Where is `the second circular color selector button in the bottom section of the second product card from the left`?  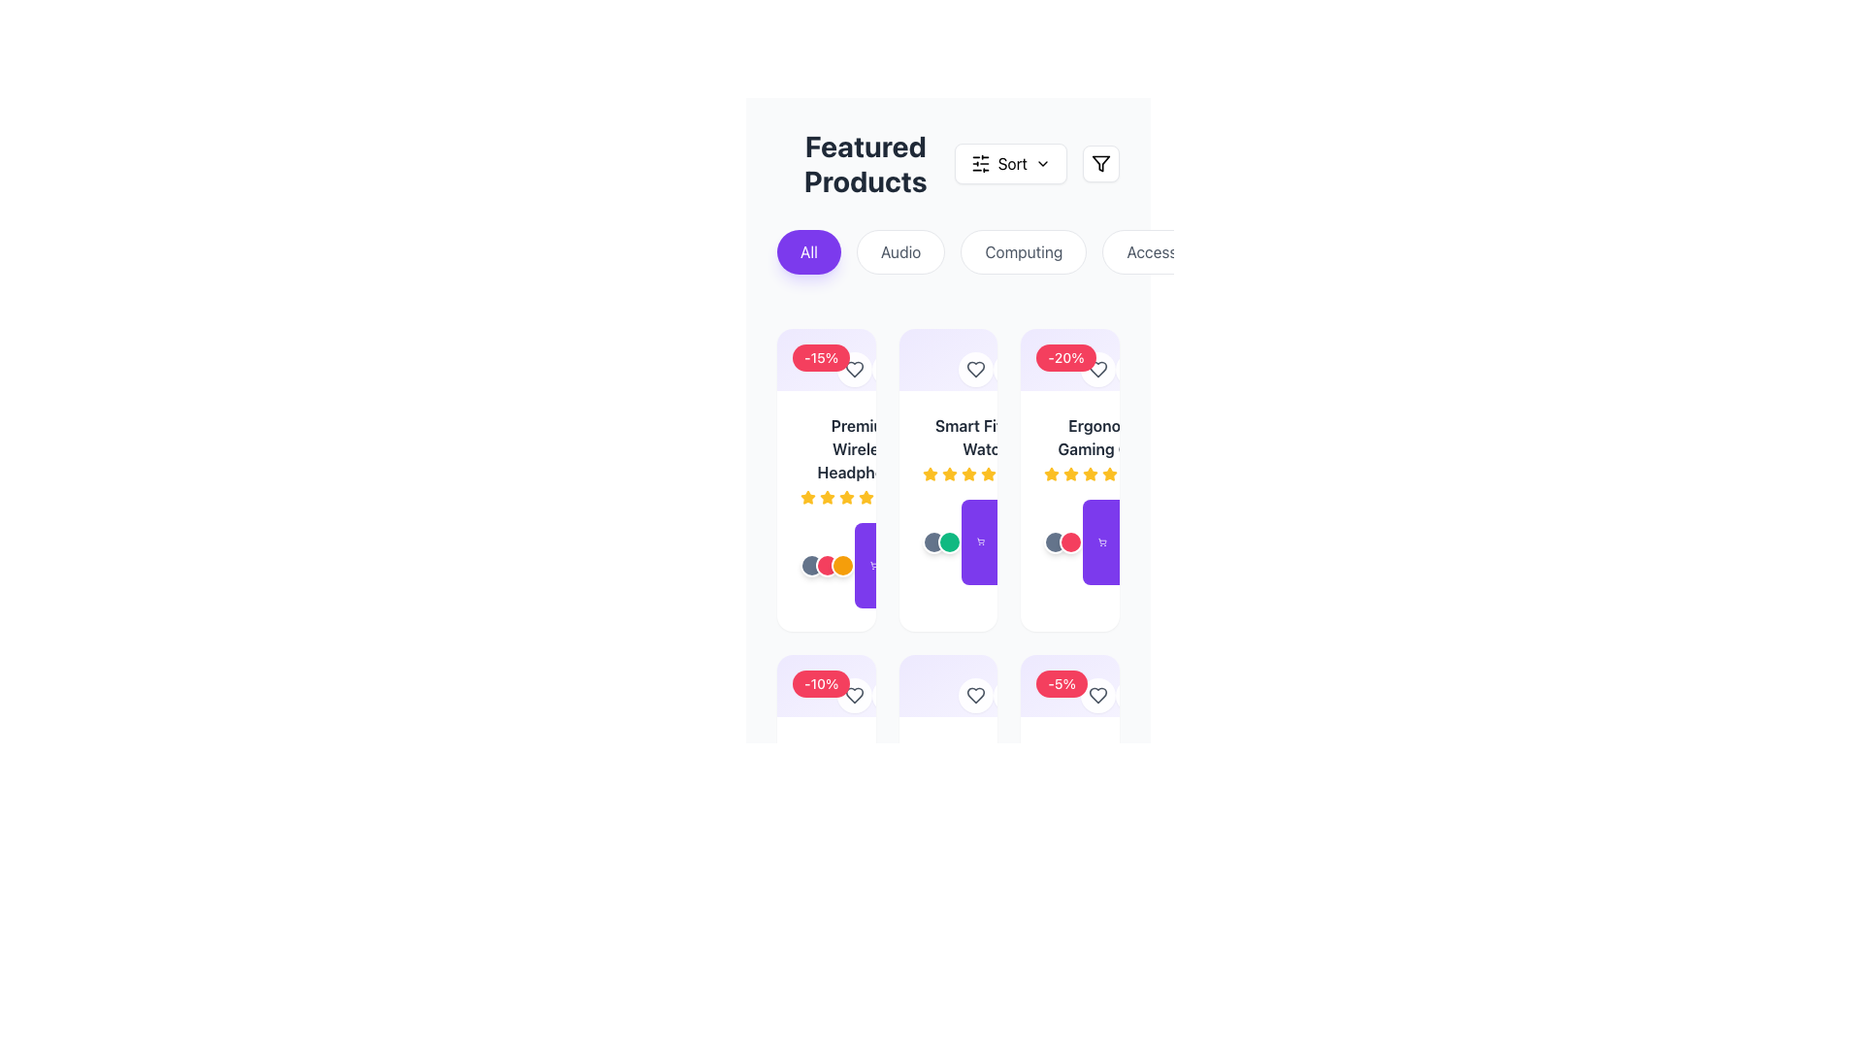 the second circular color selector button in the bottom section of the second product card from the left is located at coordinates (949, 542).